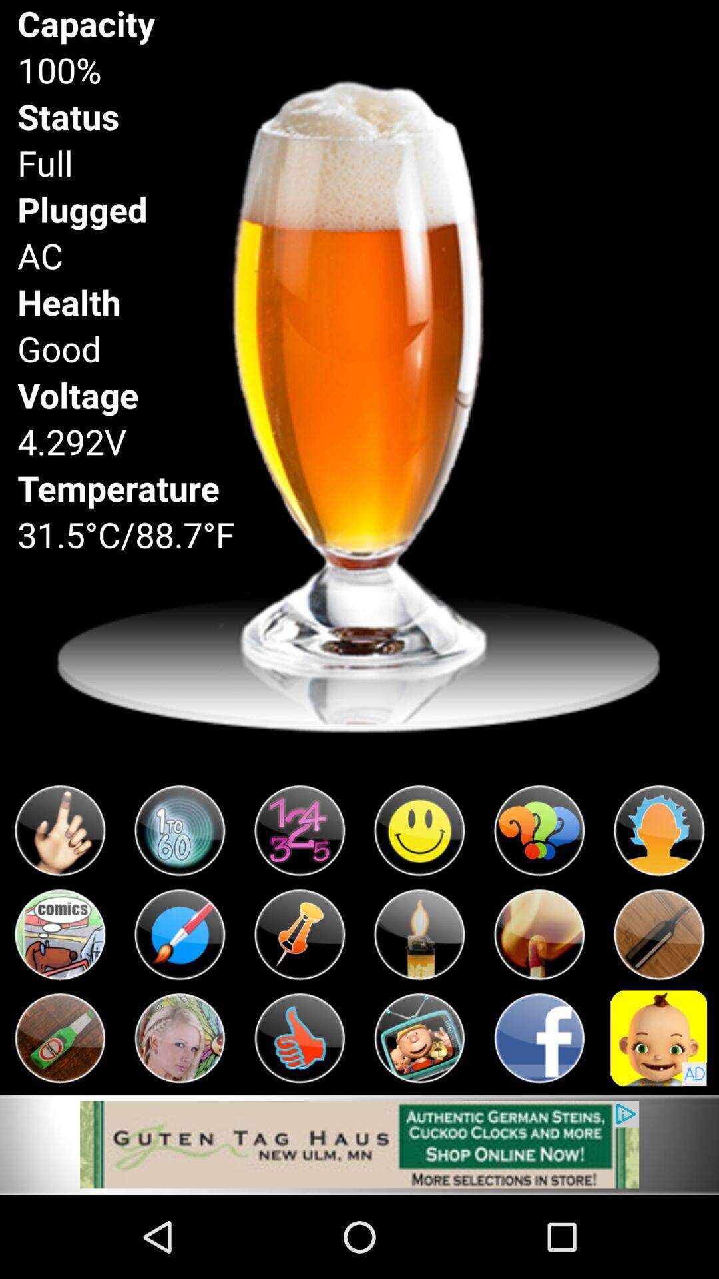 The height and width of the screenshot is (1279, 719). What do you see at coordinates (539, 1111) in the screenshot?
I see `the facebook icon` at bounding box center [539, 1111].